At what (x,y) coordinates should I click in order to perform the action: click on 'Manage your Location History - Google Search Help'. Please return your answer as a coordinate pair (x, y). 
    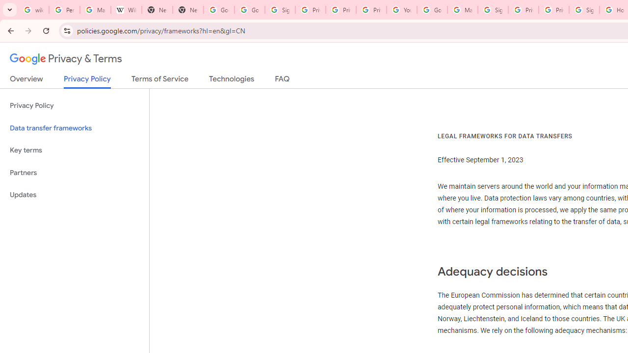
    Looking at the image, I should click on (95, 10).